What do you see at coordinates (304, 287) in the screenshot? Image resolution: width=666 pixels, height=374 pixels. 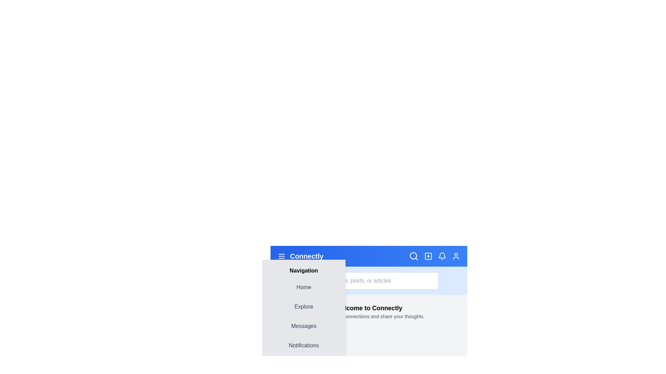 I see `the navigation menu item Home` at bounding box center [304, 287].